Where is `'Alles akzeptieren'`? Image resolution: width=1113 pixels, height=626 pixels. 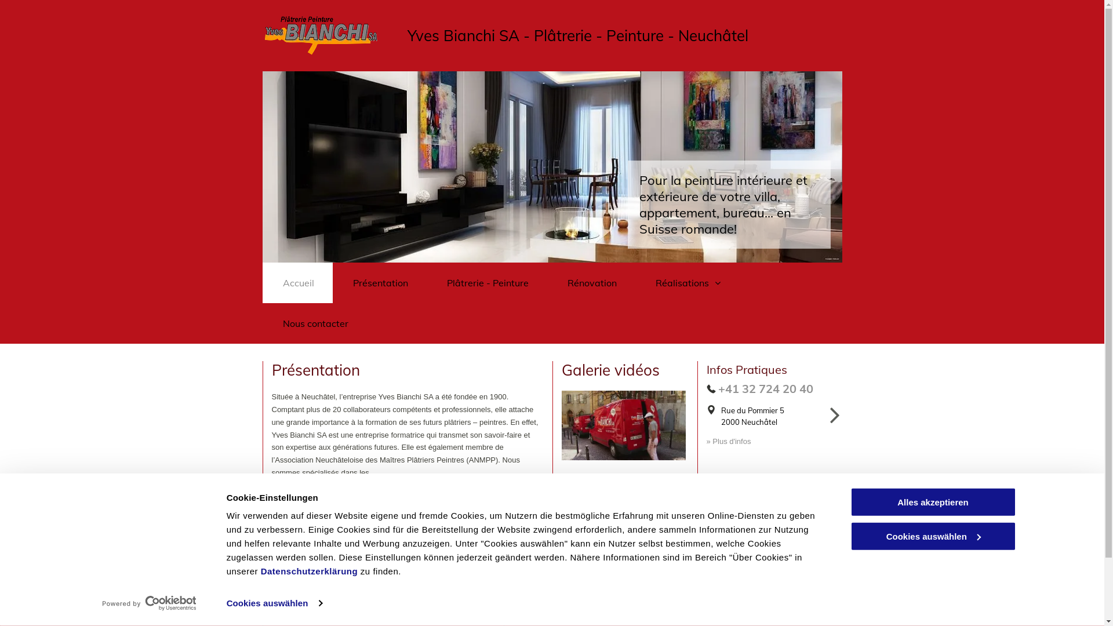 'Alles akzeptieren' is located at coordinates (932, 501).